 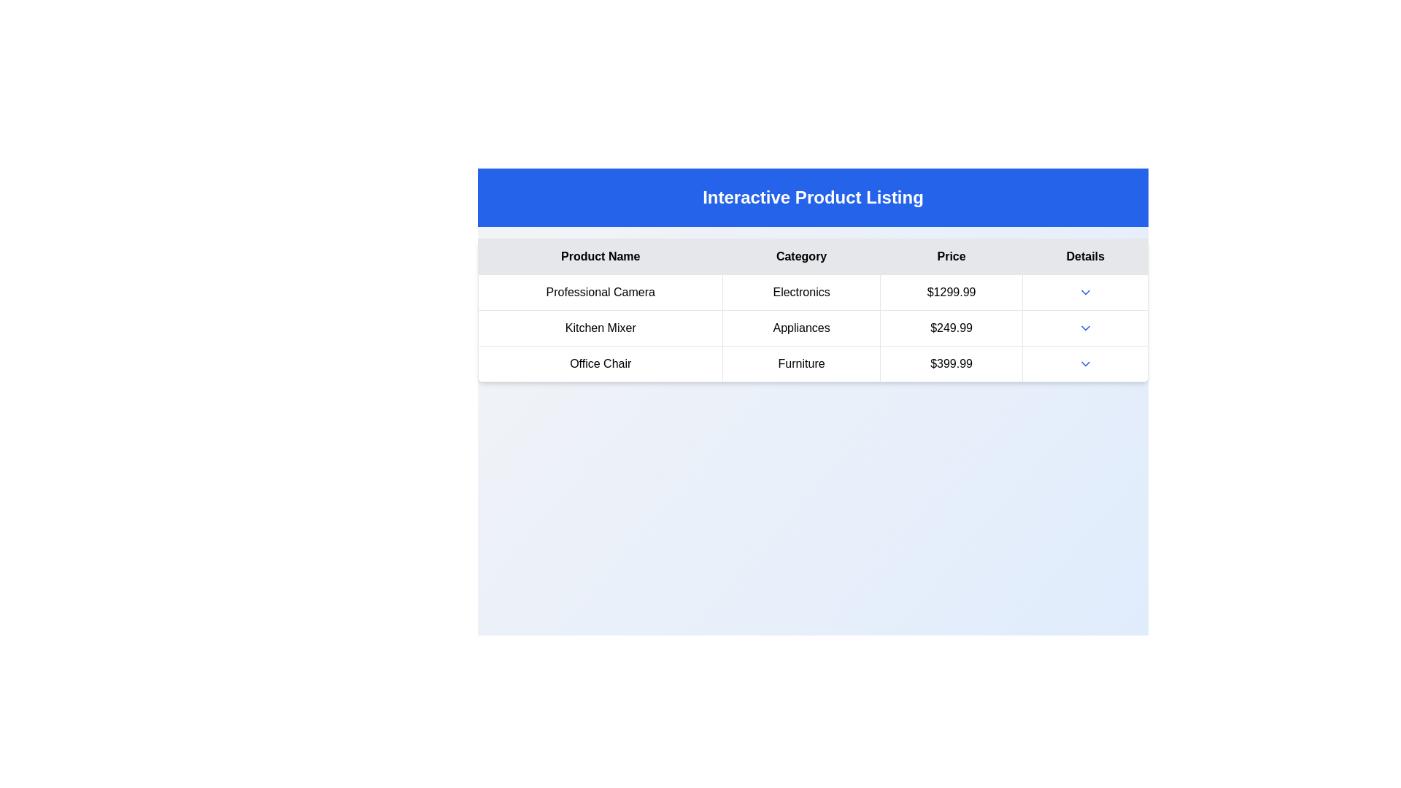 I want to click on the price label for the product 'Kitchen Mixer' located in the third cell of the second row in the product listing table, so click(x=952, y=328).